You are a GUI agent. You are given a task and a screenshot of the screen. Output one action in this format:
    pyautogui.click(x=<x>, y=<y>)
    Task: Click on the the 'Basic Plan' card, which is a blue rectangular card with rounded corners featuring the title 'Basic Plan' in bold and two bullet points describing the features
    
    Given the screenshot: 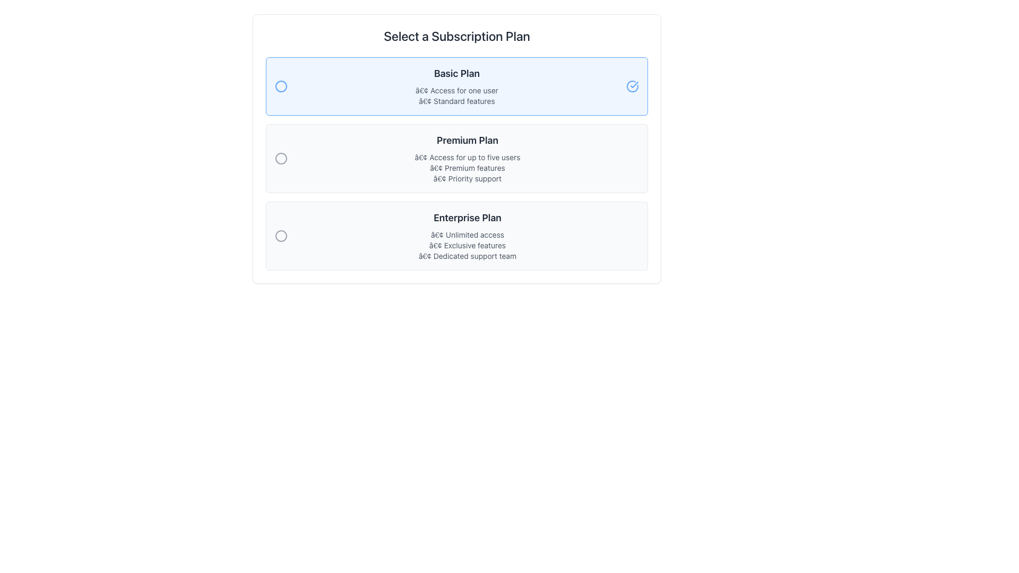 What is the action you would take?
    pyautogui.click(x=456, y=85)
    